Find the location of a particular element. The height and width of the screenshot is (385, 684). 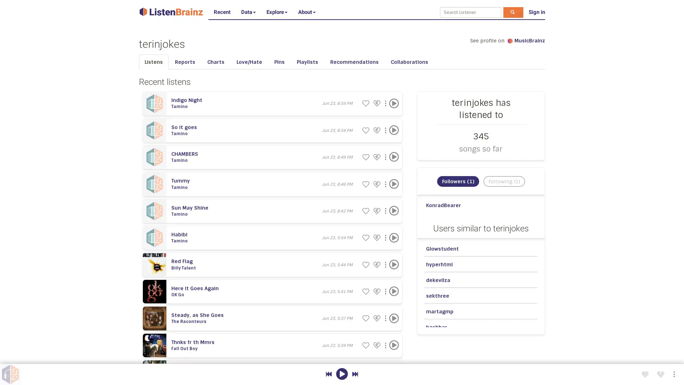

Previous is located at coordinates (328, 374).